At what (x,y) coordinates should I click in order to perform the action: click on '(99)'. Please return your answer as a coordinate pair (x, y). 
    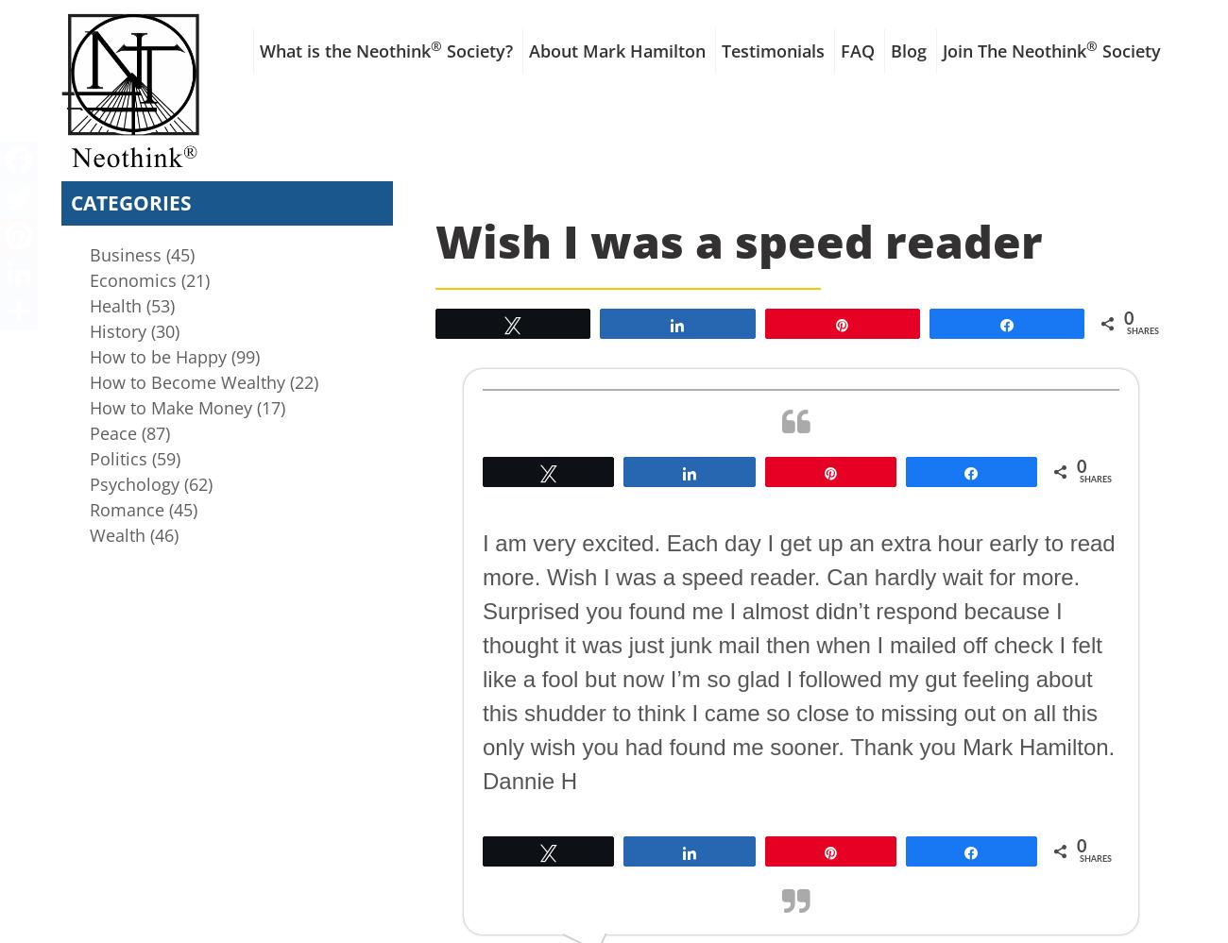
    Looking at the image, I should click on (242, 357).